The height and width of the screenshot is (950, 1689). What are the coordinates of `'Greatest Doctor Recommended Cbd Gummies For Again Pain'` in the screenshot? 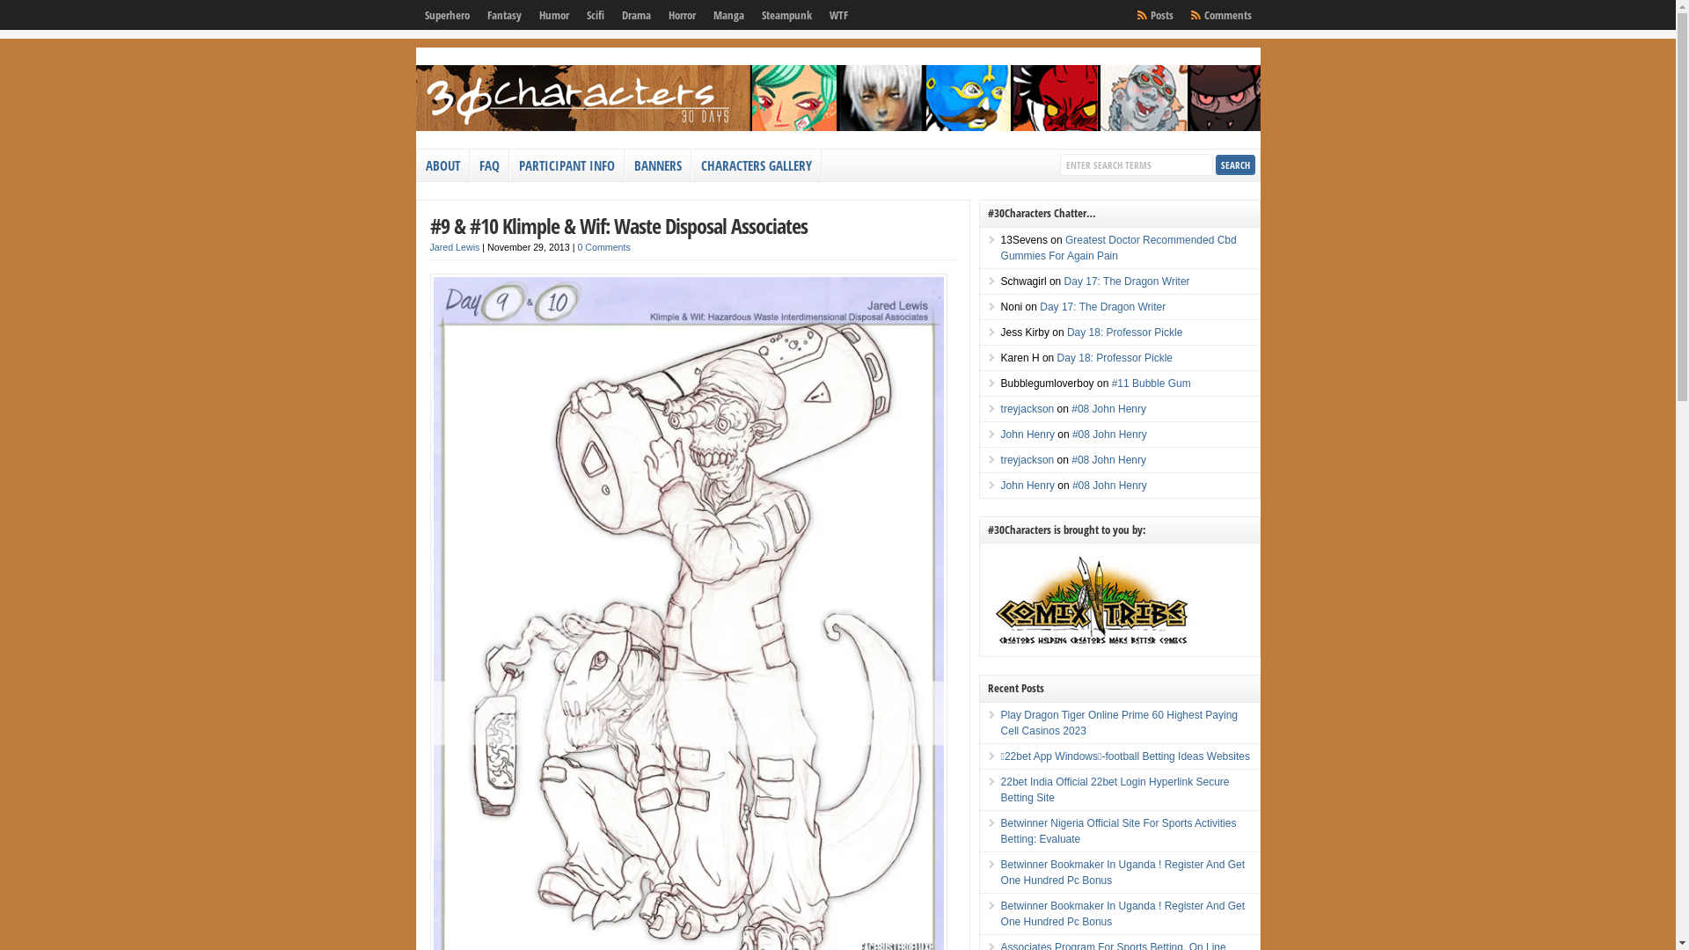 It's located at (1118, 247).